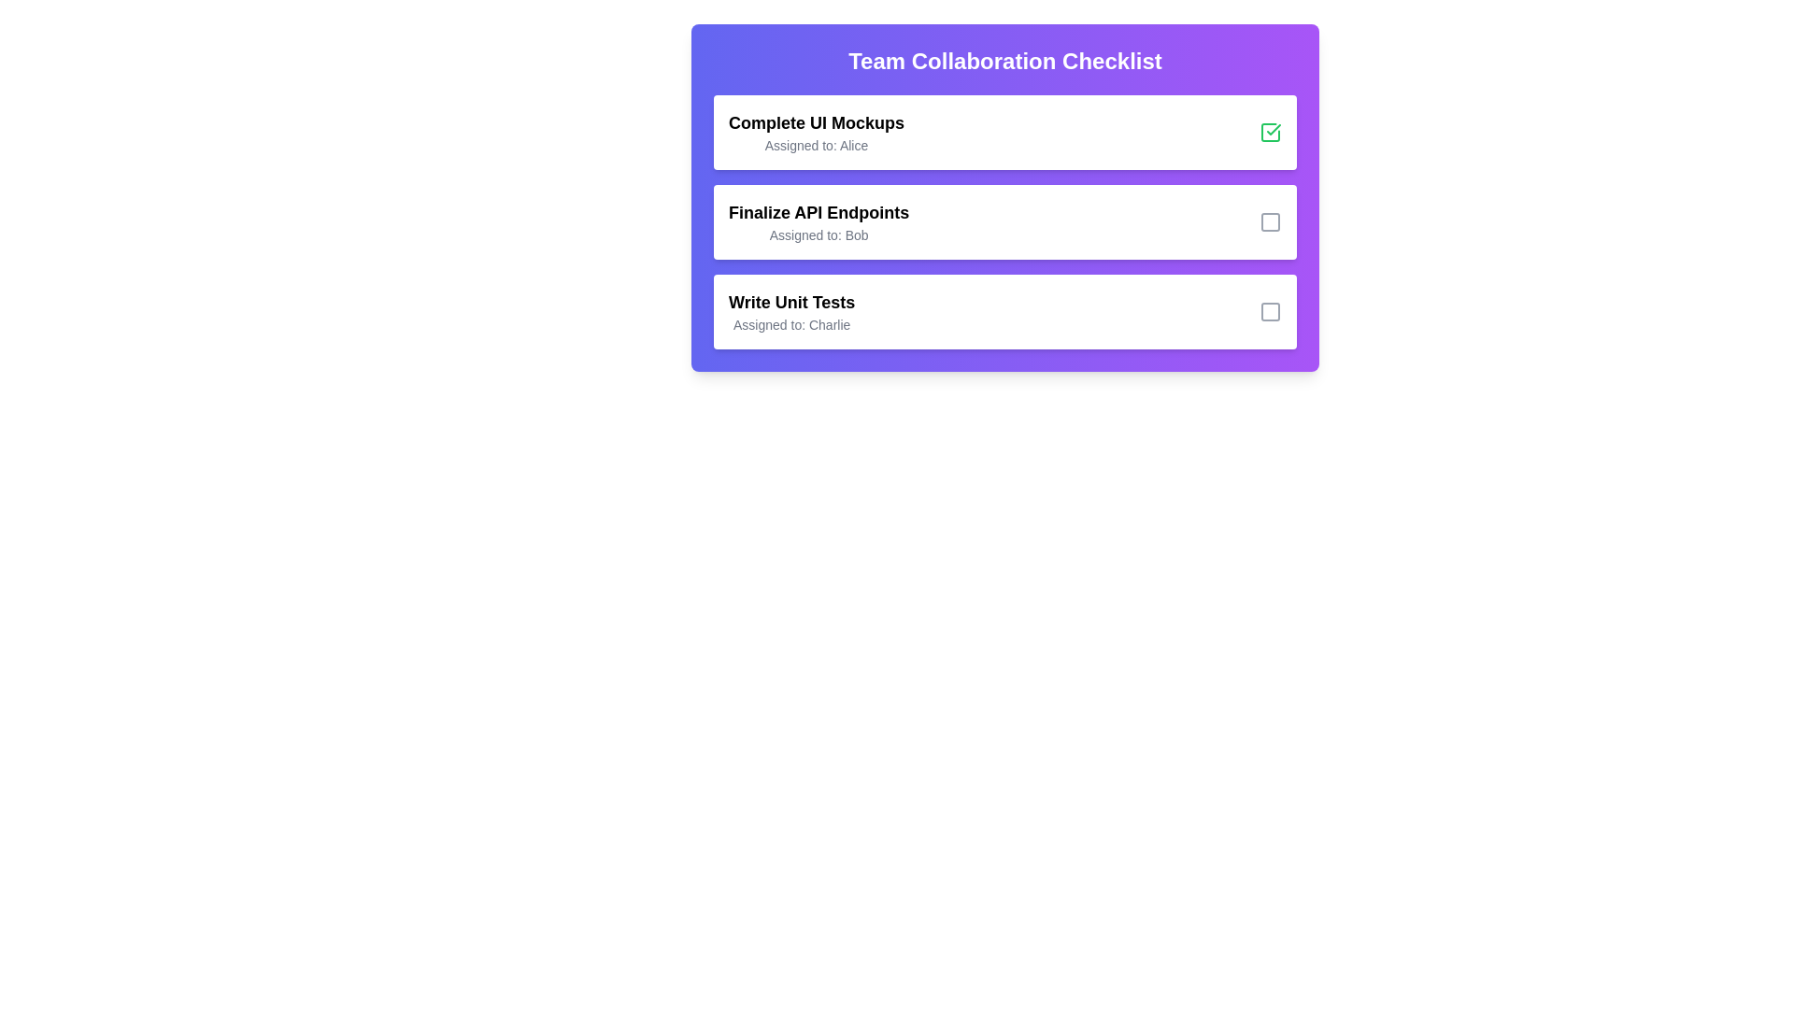 Image resolution: width=1794 pixels, height=1009 pixels. Describe the element at coordinates (1004, 221) in the screenshot. I see `the task details for the list item containing the text 'Finalize API Endpoints' which is styled in bold and has the subtext 'Assigned to: Bob'` at that location.